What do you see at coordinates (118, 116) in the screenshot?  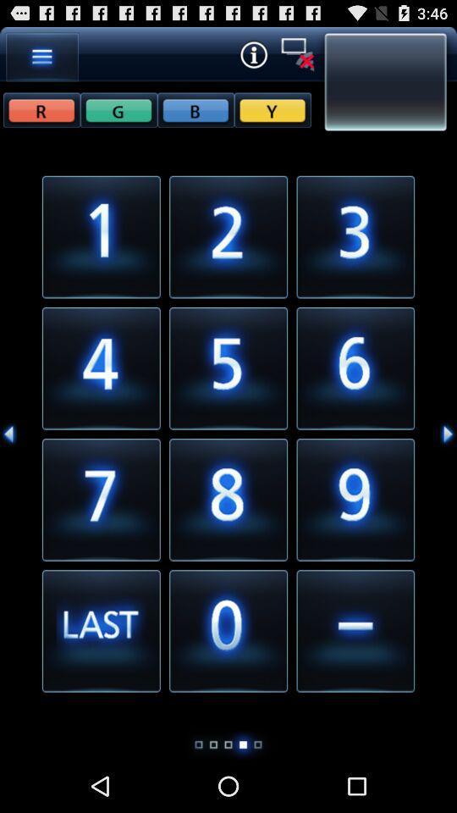 I see `the facebook icon` at bounding box center [118, 116].